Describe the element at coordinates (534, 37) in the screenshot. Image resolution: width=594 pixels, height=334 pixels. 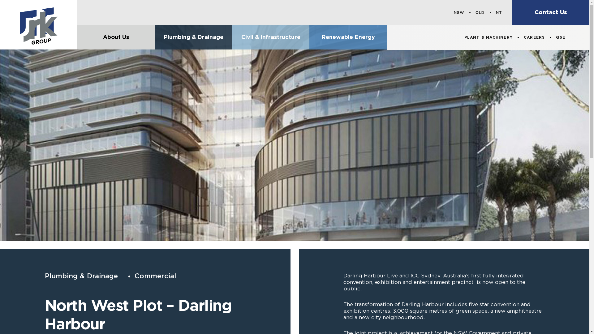
I see `'CAREERS'` at that location.